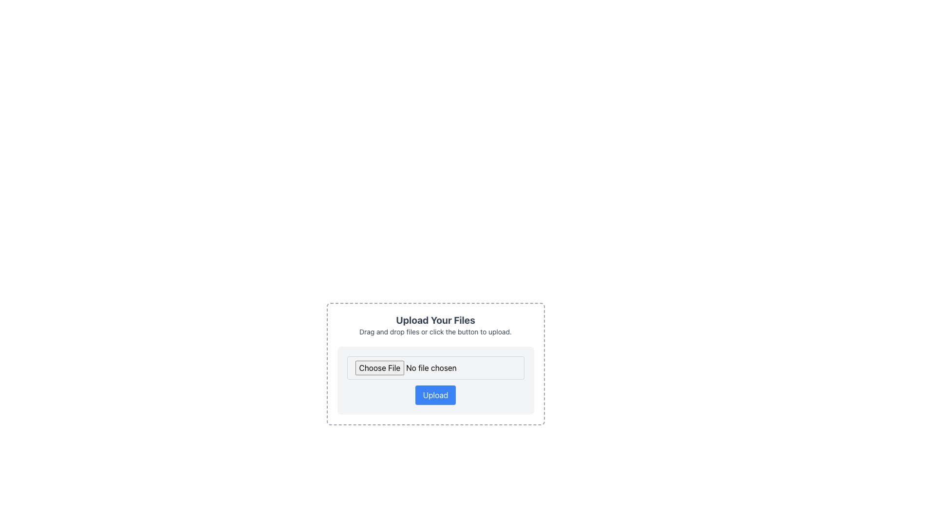 The image size is (935, 525). What do you see at coordinates (435, 331) in the screenshot?
I see `the instructional text that describes methods for uploading files, located below the 'Upload Your Files' heading` at bounding box center [435, 331].